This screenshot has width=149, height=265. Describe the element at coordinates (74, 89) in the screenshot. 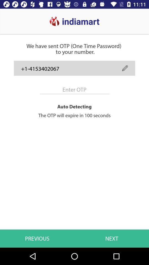

I see `item above auto detecting item` at that location.